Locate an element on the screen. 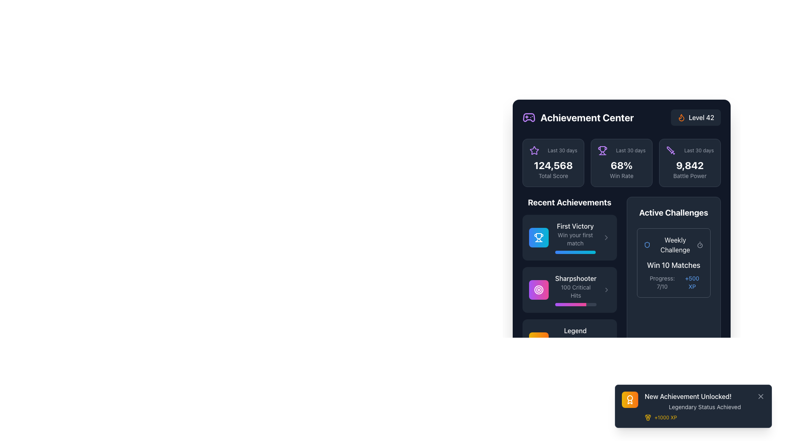  the user's level indicator label with icon, located in the top-right section next to the 'Achievement Center' title is located at coordinates (695, 118).